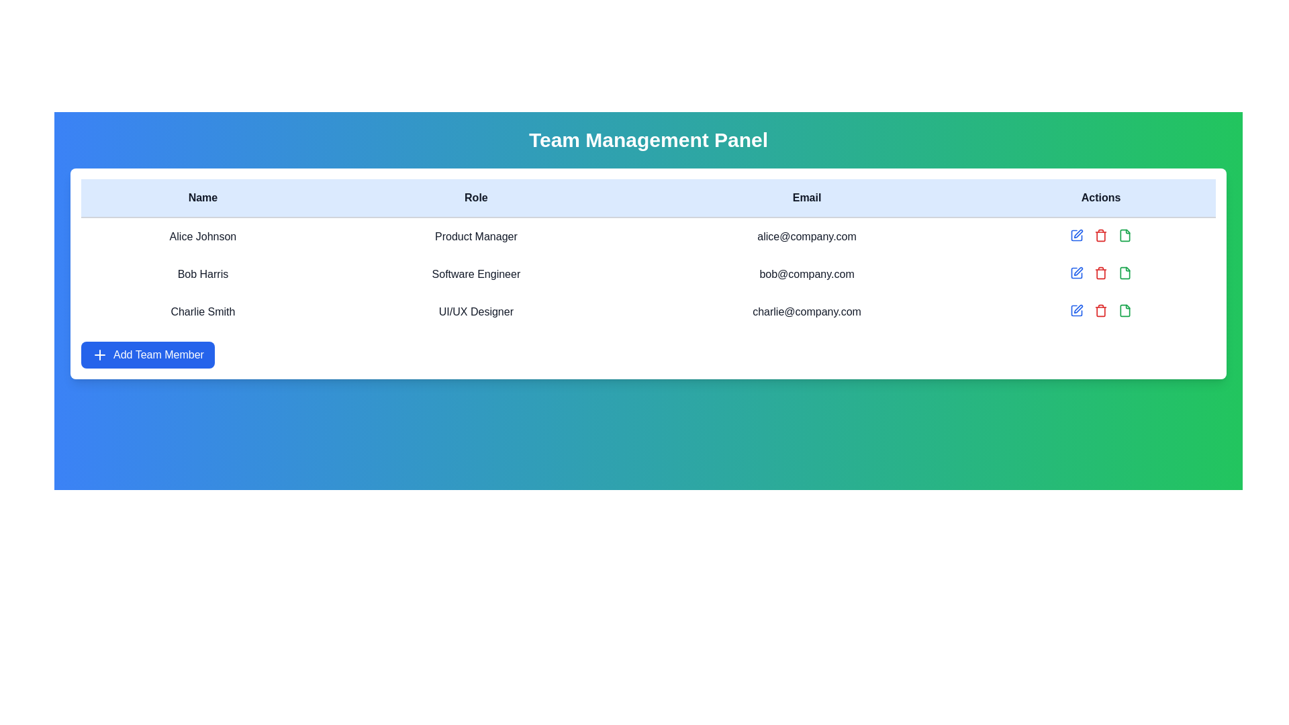  What do you see at coordinates (806, 236) in the screenshot?
I see `the email address text label displaying 'Alice Johnson's email' located in the 'Email' column of the table` at bounding box center [806, 236].